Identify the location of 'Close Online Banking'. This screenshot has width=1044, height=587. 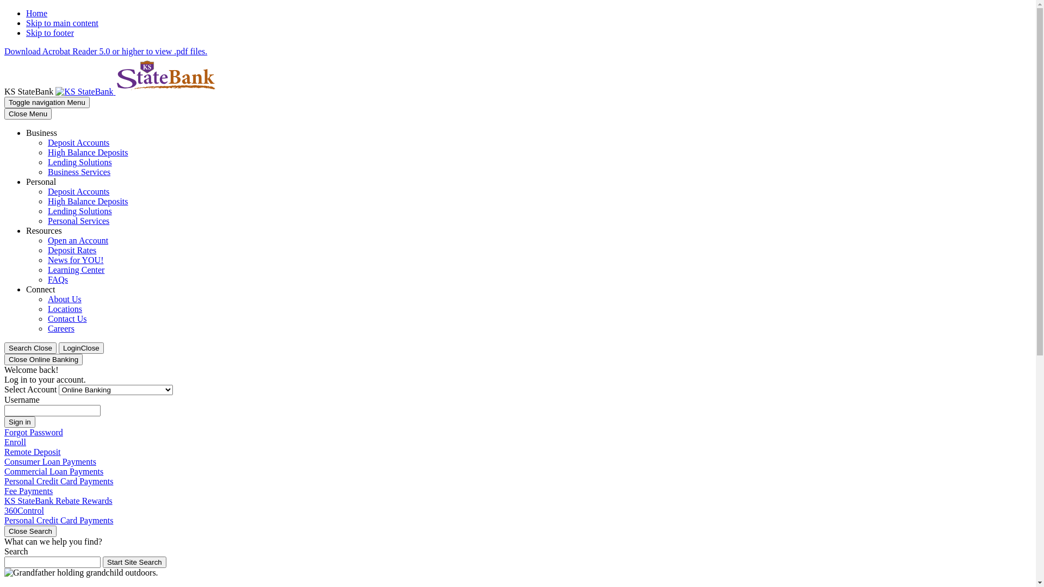
(43, 359).